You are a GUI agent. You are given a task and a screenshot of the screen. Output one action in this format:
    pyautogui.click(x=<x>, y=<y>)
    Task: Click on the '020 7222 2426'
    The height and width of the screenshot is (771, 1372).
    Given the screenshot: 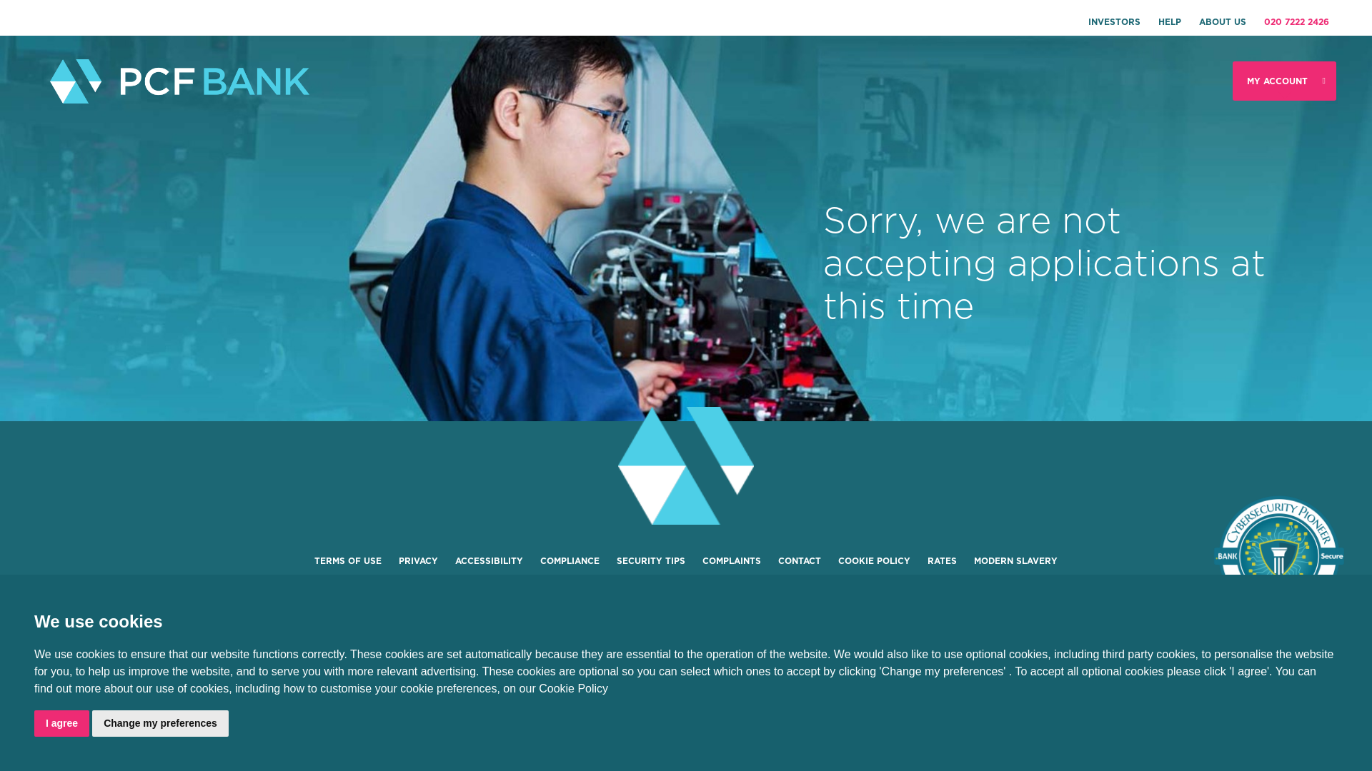 What is the action you would take?
    pyautogui.click(x=1296, y=22)
    